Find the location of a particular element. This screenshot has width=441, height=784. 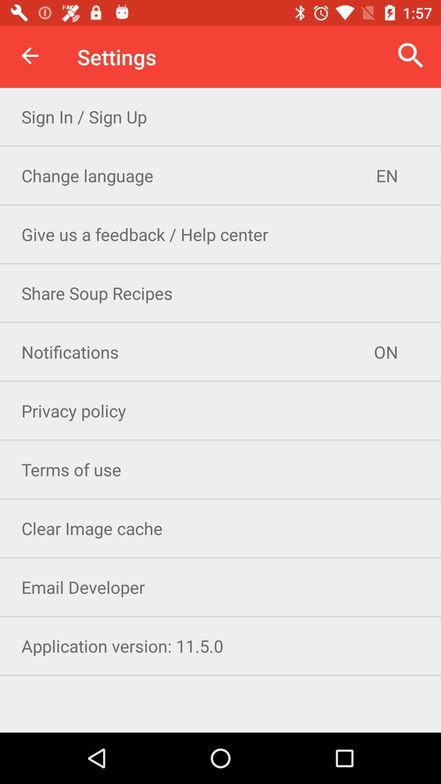

the icon next to the settings icon is located at coordinates (29, 55).